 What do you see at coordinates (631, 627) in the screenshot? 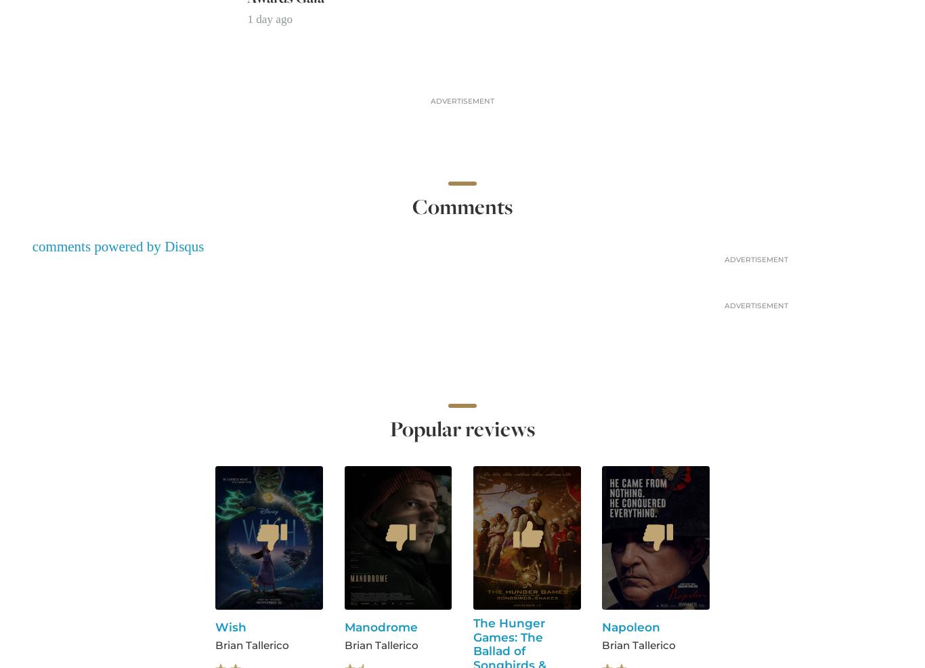
I see `'Napoleon'` at bounding box center [631, 627].